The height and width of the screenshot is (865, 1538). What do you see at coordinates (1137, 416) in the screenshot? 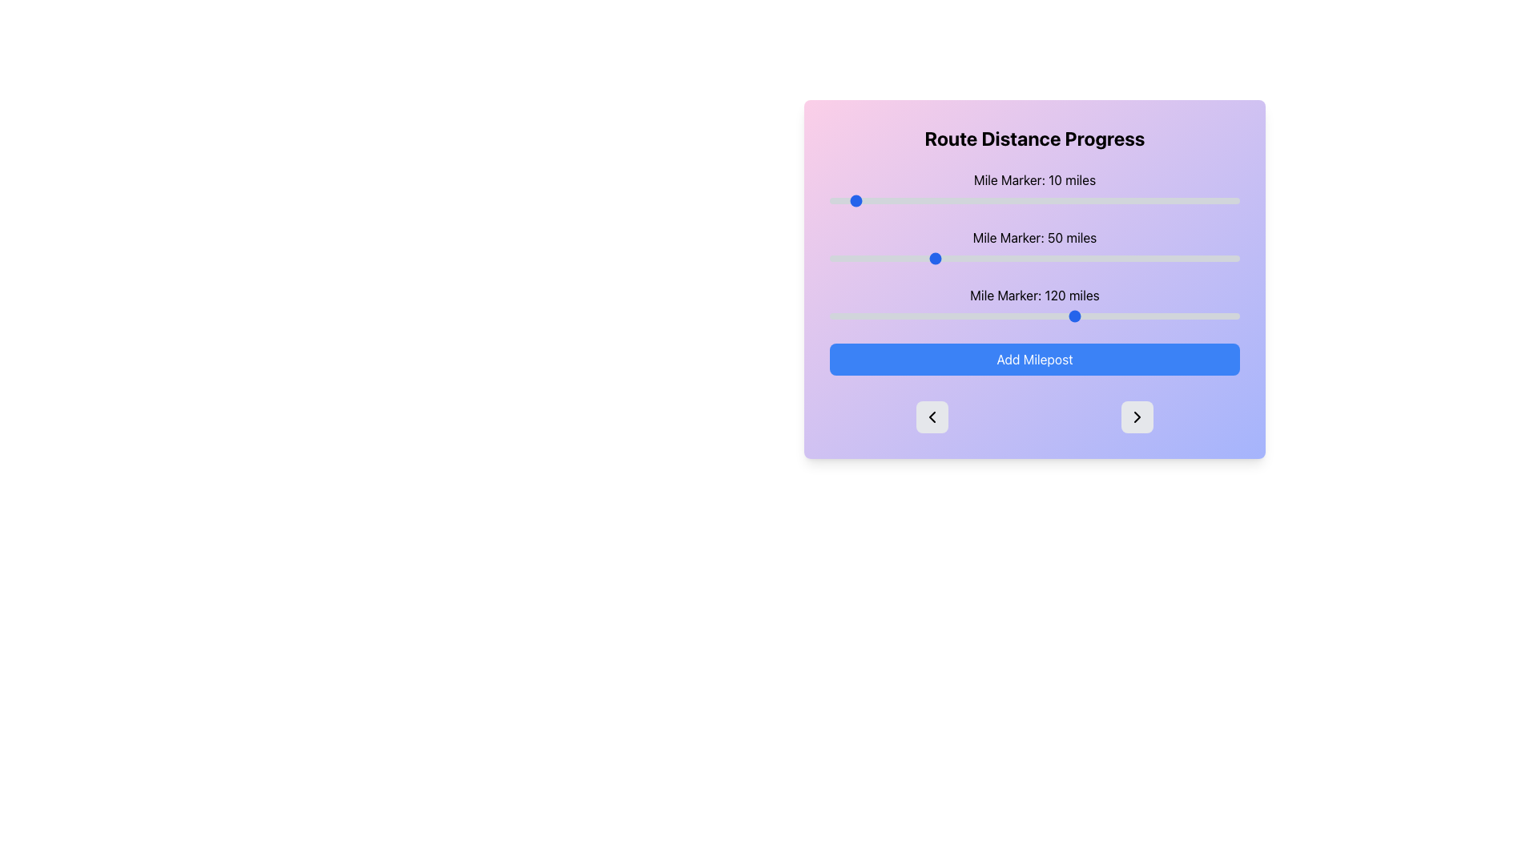
I see `the right-pointing triangular-shaped arrow icon located in the circular button at the bottom right corner of the control panel to proceed` at bounding box center [1137, 416].